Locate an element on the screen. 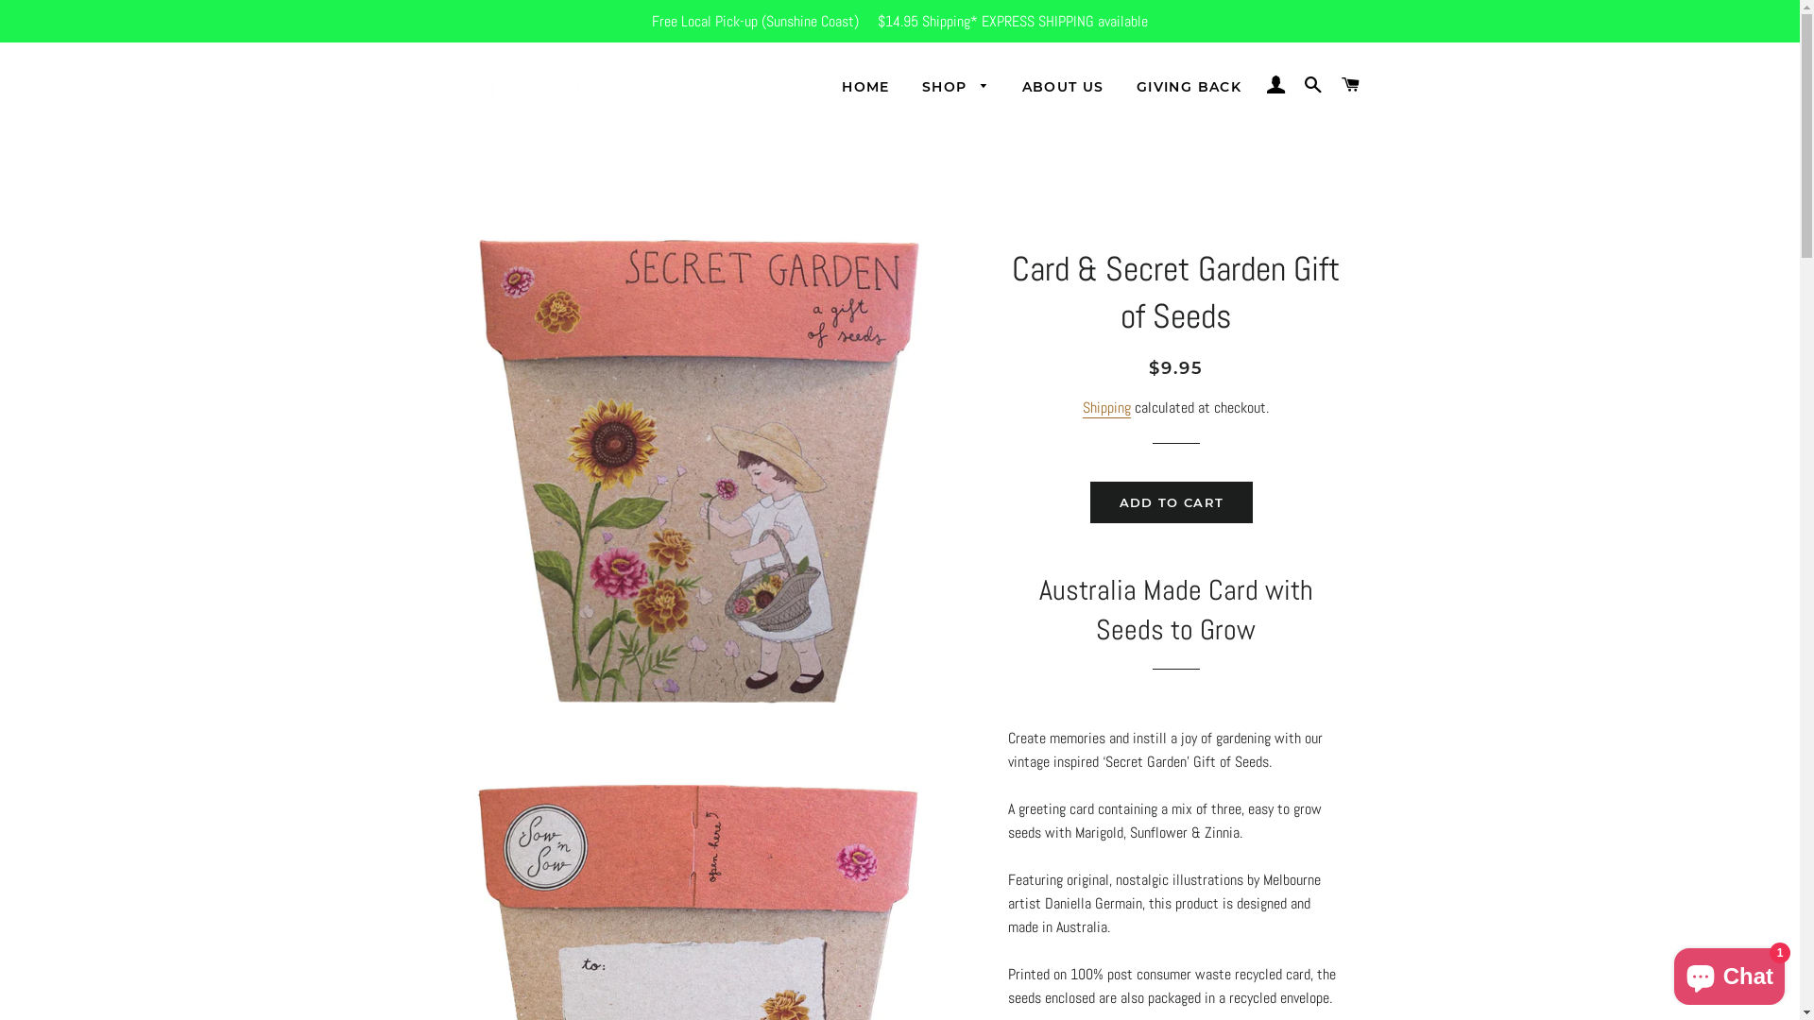 This screenshot has height=1020, width=1814. 'GIVING BACK' is located at coordinates (1188, 87).